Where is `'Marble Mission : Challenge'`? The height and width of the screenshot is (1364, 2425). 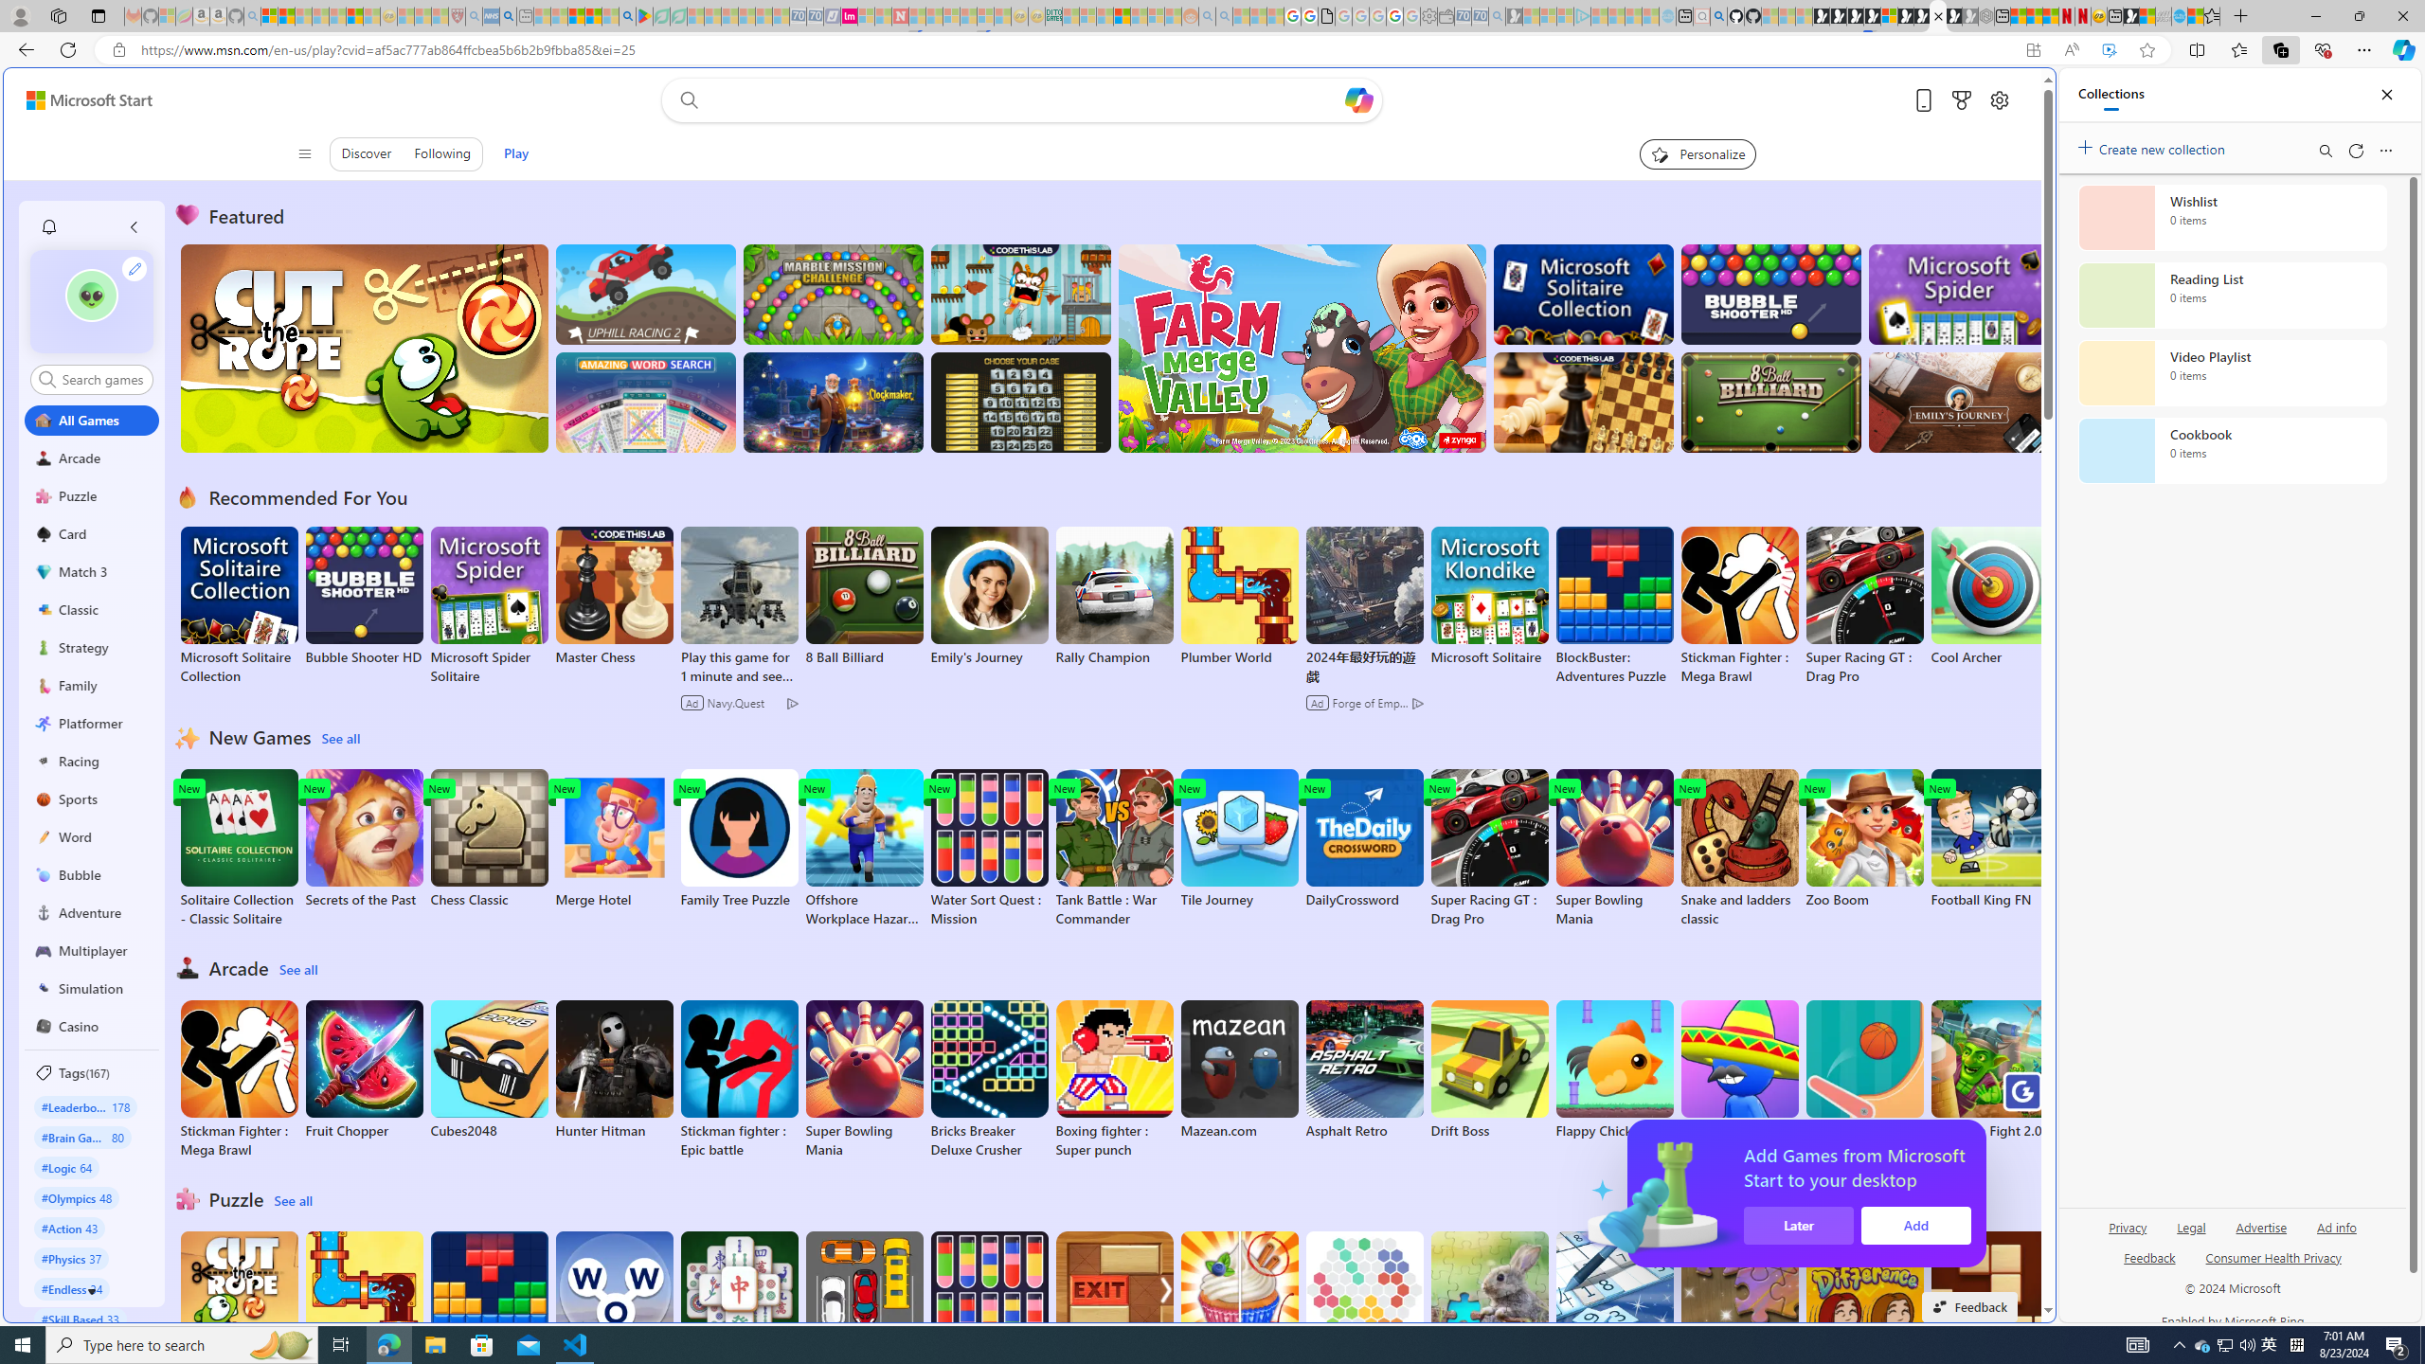 'Marble Mission : Challenge' is located at coordinates (833, 294).